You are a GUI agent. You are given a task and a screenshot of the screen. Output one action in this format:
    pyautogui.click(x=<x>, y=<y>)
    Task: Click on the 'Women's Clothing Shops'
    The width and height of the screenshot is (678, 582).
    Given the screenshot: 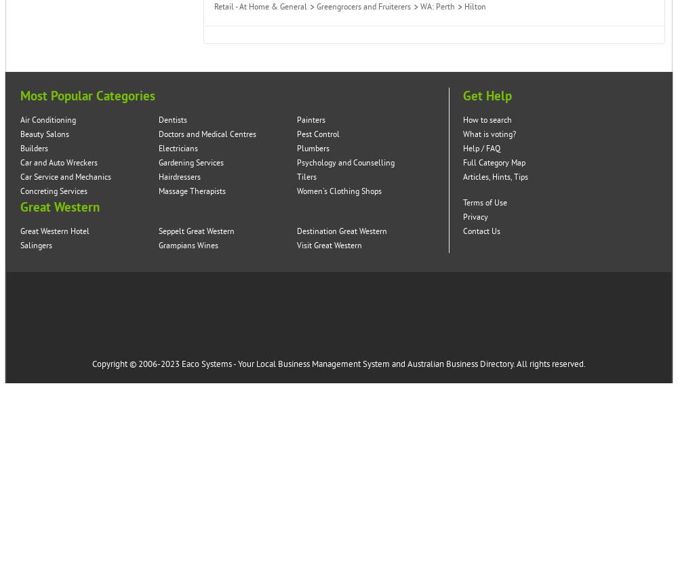 What is the action you would take?
    pyautogui.click(x=339, y=191)
    